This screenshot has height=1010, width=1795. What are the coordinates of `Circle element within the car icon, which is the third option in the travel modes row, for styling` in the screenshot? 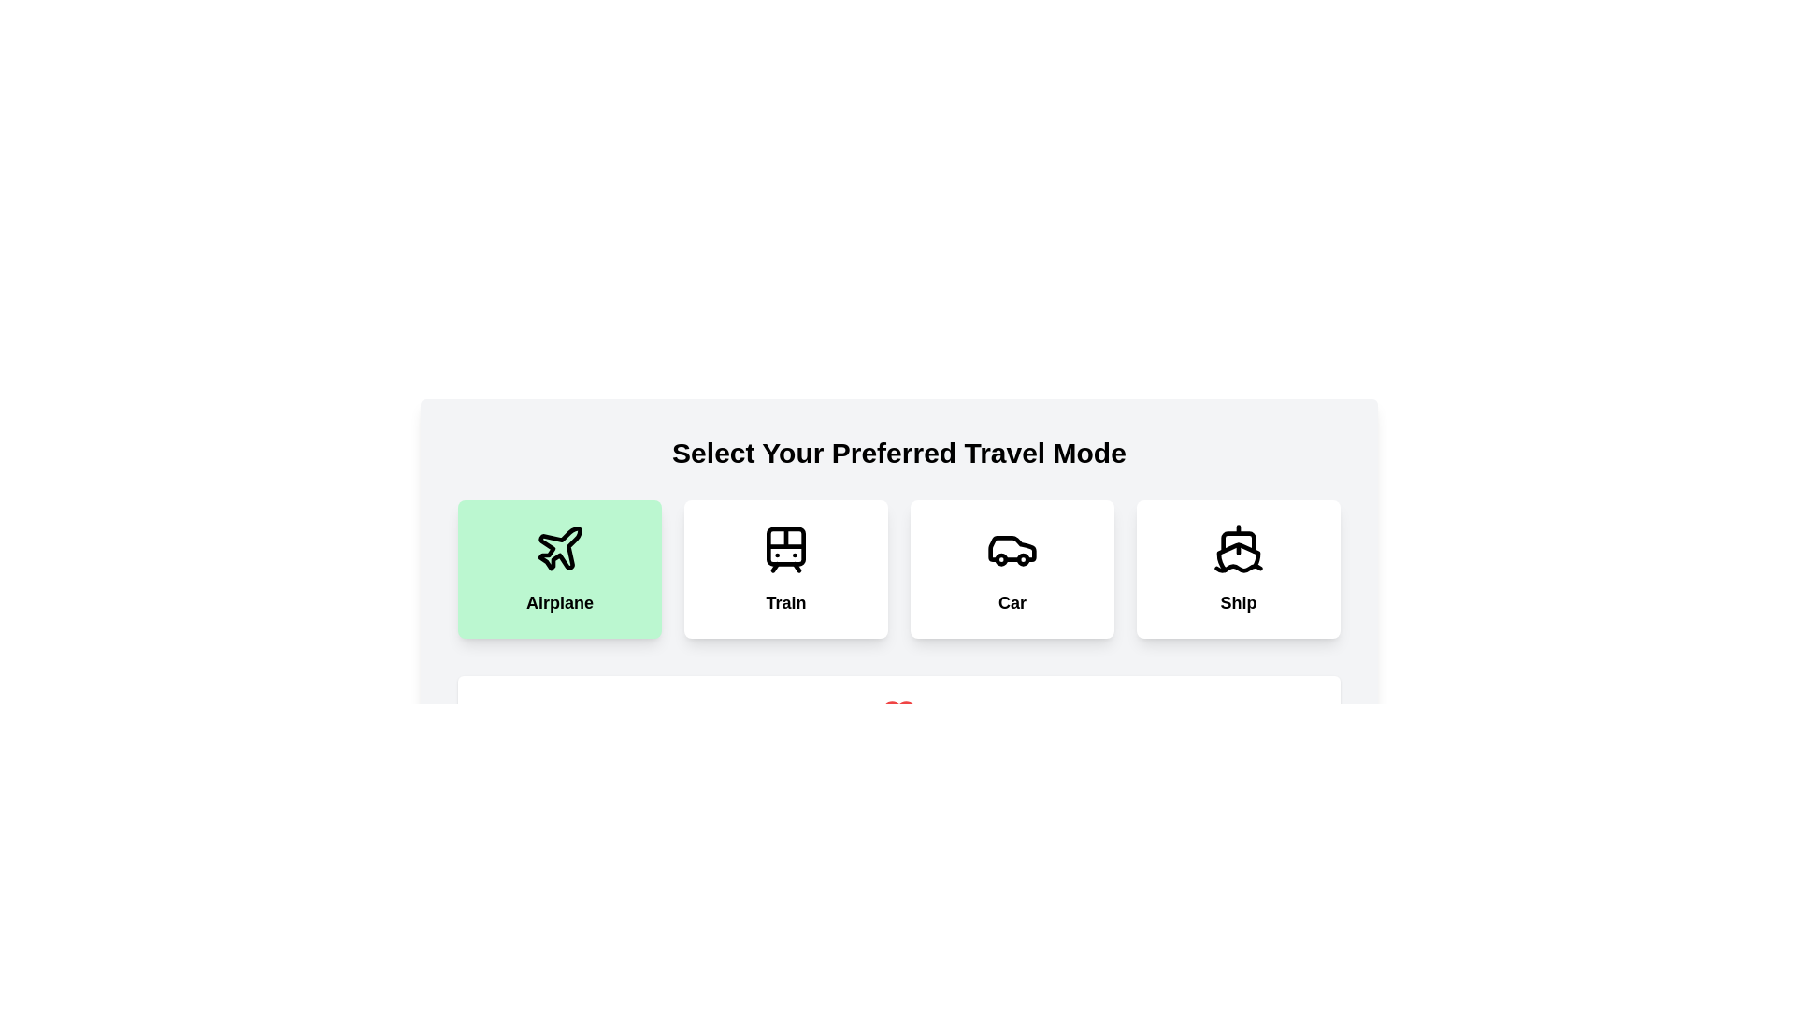 It's located at (999, 557).